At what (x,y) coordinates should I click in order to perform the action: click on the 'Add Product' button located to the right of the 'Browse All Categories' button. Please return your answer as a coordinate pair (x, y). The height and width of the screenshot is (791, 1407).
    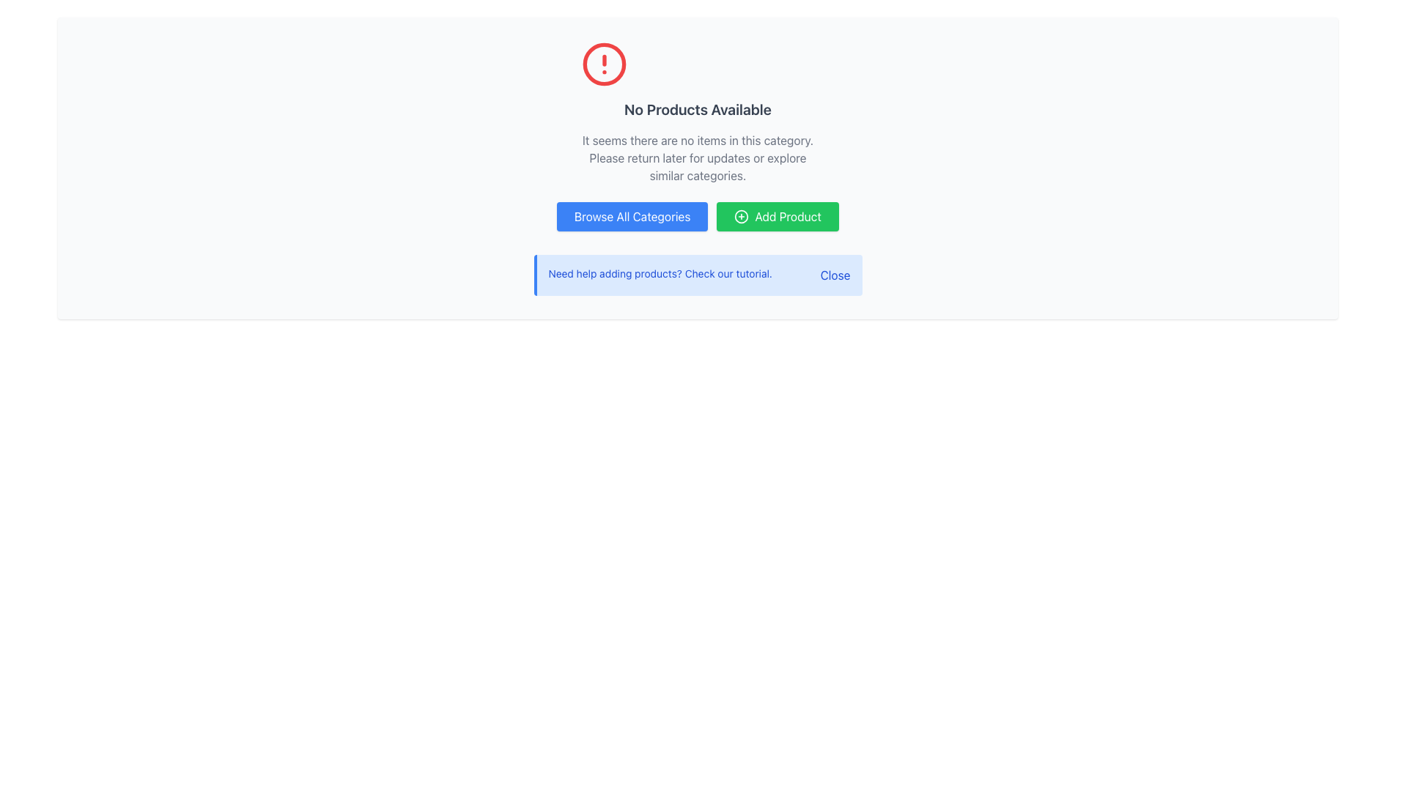
    Looking at the image, I should click on (777, 217).